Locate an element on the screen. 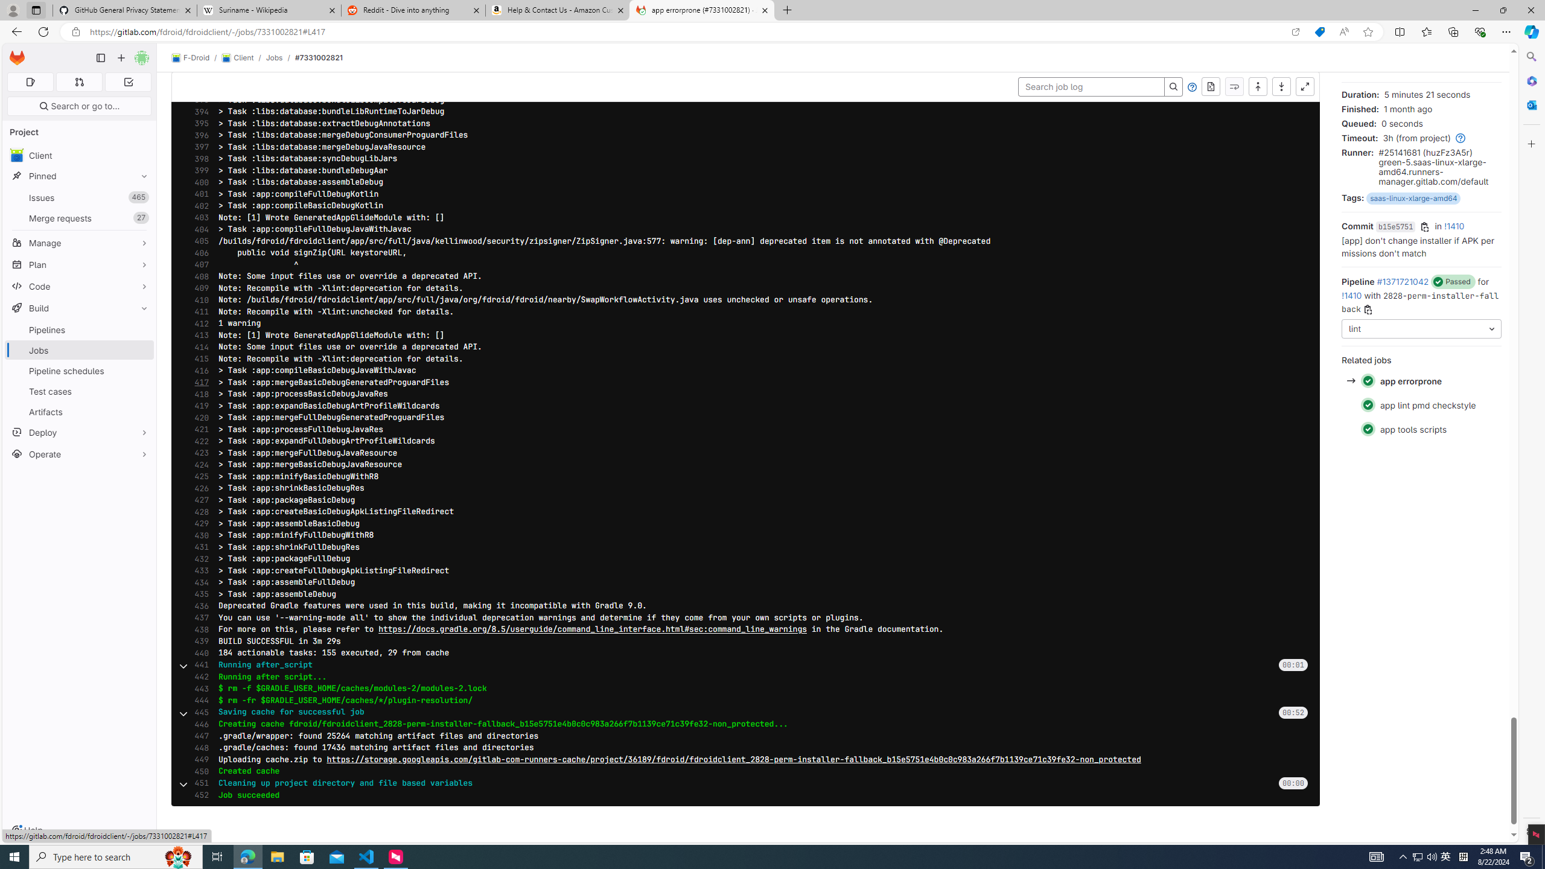  'avatar' is located at coordinates (17, 154).